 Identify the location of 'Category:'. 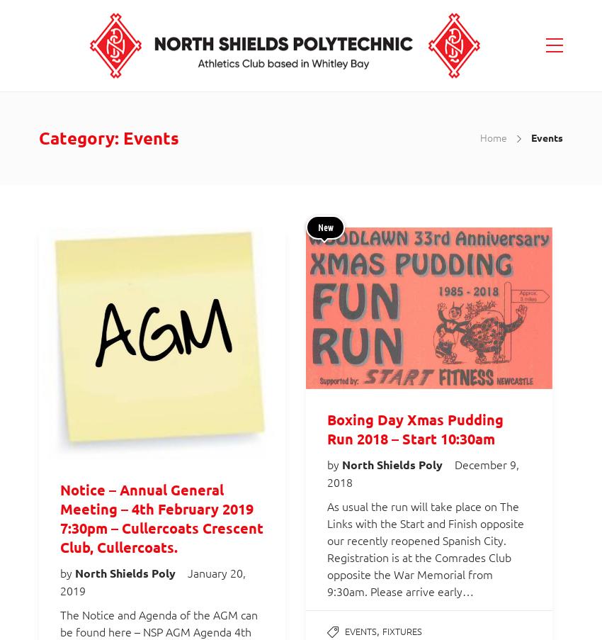
(38, 137).